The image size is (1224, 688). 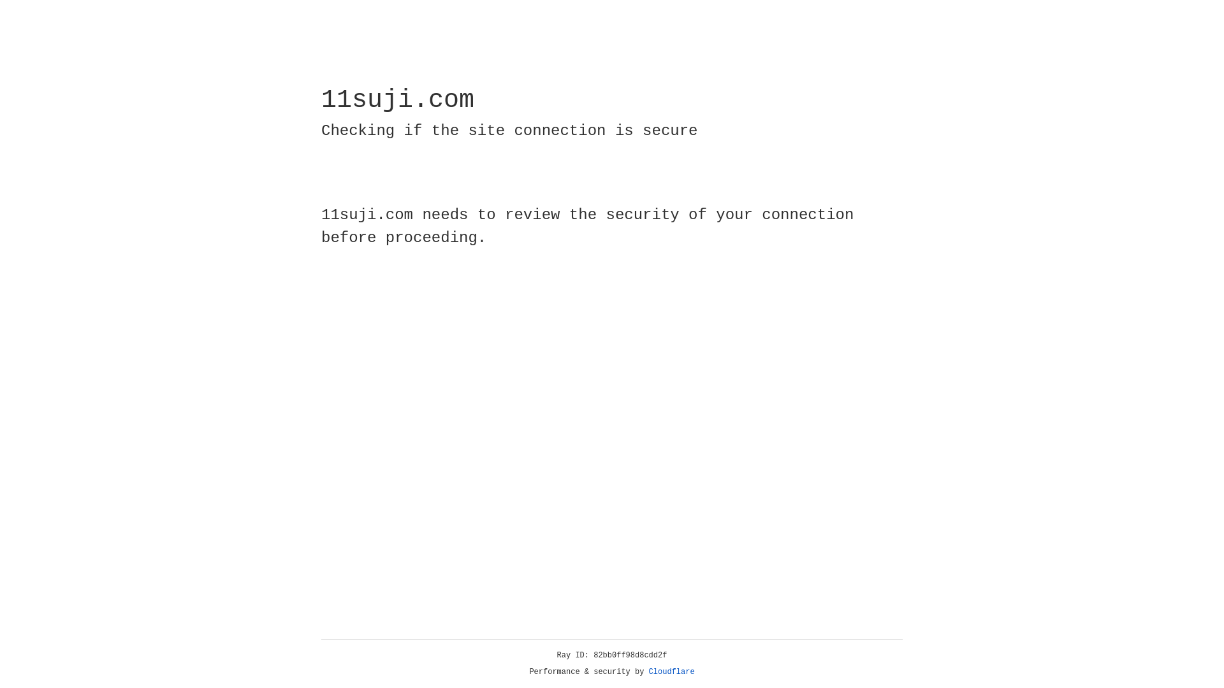 What do you see at coordinates (648, 671) in the screenshot?
I see `'Cloudflare'` at bounding box center [648, 671].